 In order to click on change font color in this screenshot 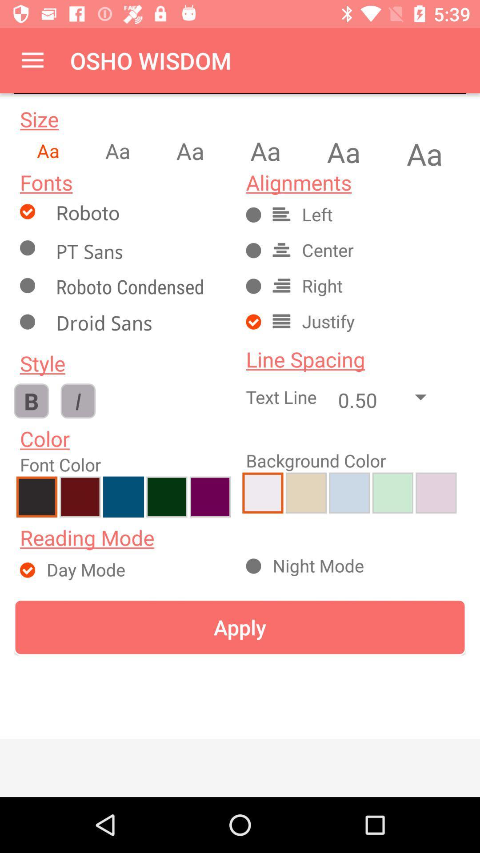, I will do `click(123, 496)`.